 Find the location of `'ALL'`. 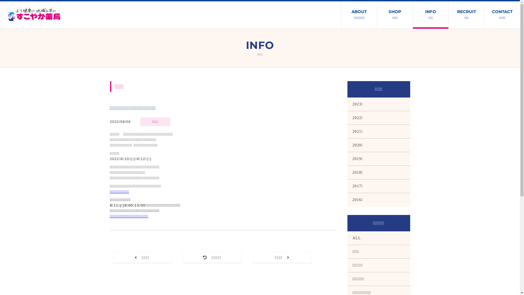

'ALL' is located at coordinates (378, 238).